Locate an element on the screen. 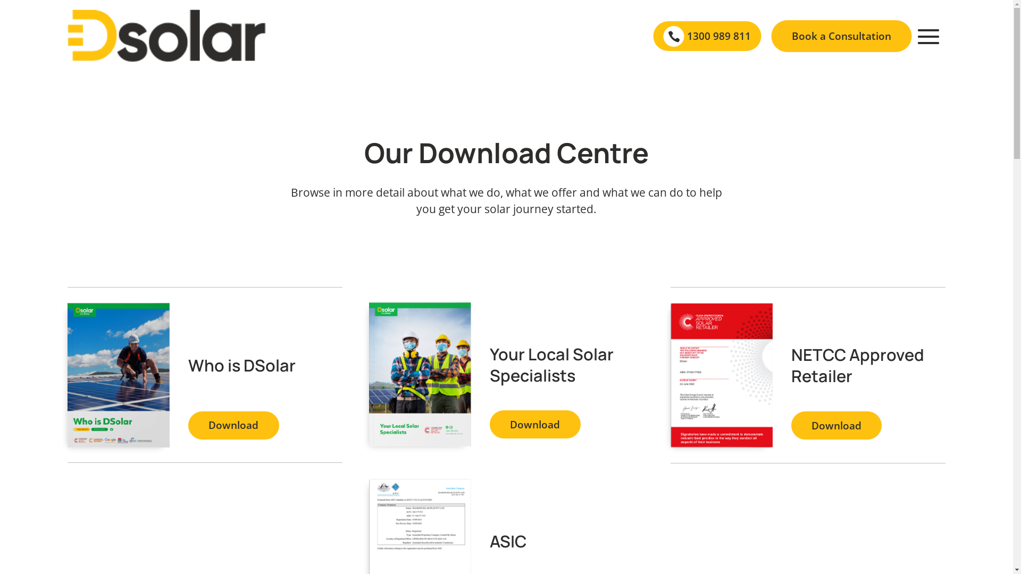 The image size is (1021, 574). 'Book a Consultation' is located at coordinates (841, 36).